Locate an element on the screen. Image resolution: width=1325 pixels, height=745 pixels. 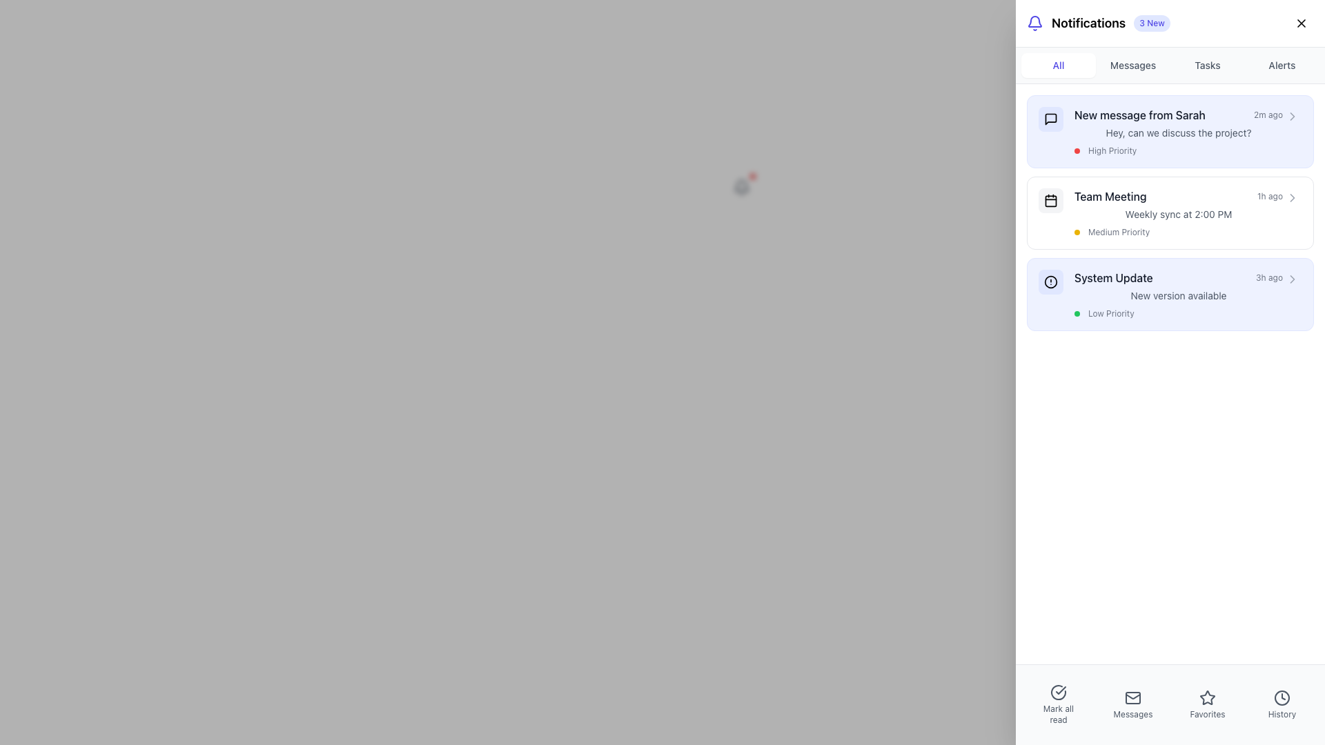
the third button in the Notifications panel, which switches to the 'Tasks' view, to trigger hover effects indicating interactivity is located at coordinates (1207, 66).